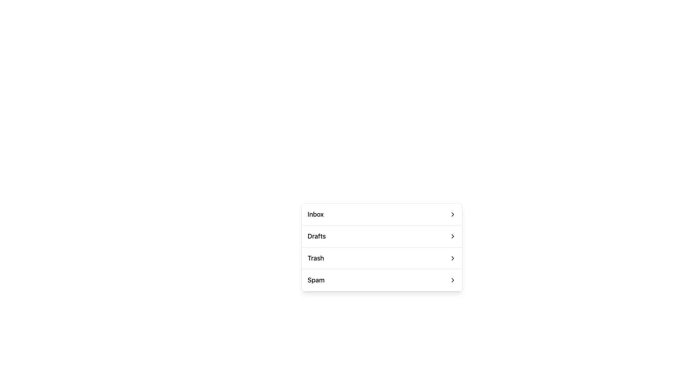  Describe the element at coordinates (452, 258) in the screenshot. I see `the rightward-pointing chevron icon located to the far right of the 'Trash' menu item` at that location.